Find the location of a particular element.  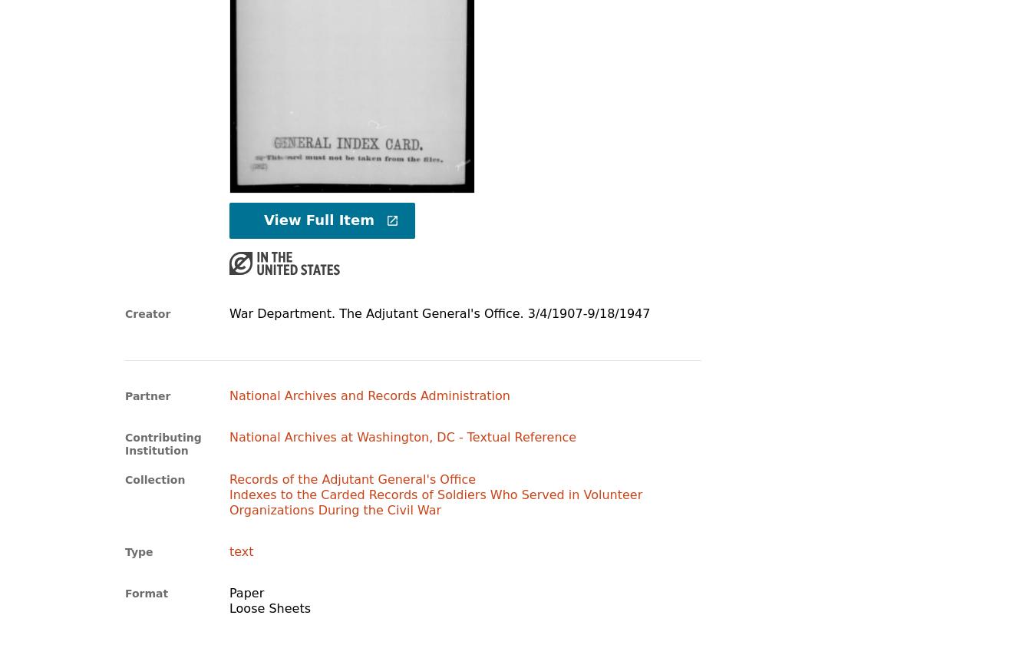

'Indexes to the Carded Records of Soldiers Who Served in Volunteer Organizations During the Civil War' is located at coordinates (435, 501).